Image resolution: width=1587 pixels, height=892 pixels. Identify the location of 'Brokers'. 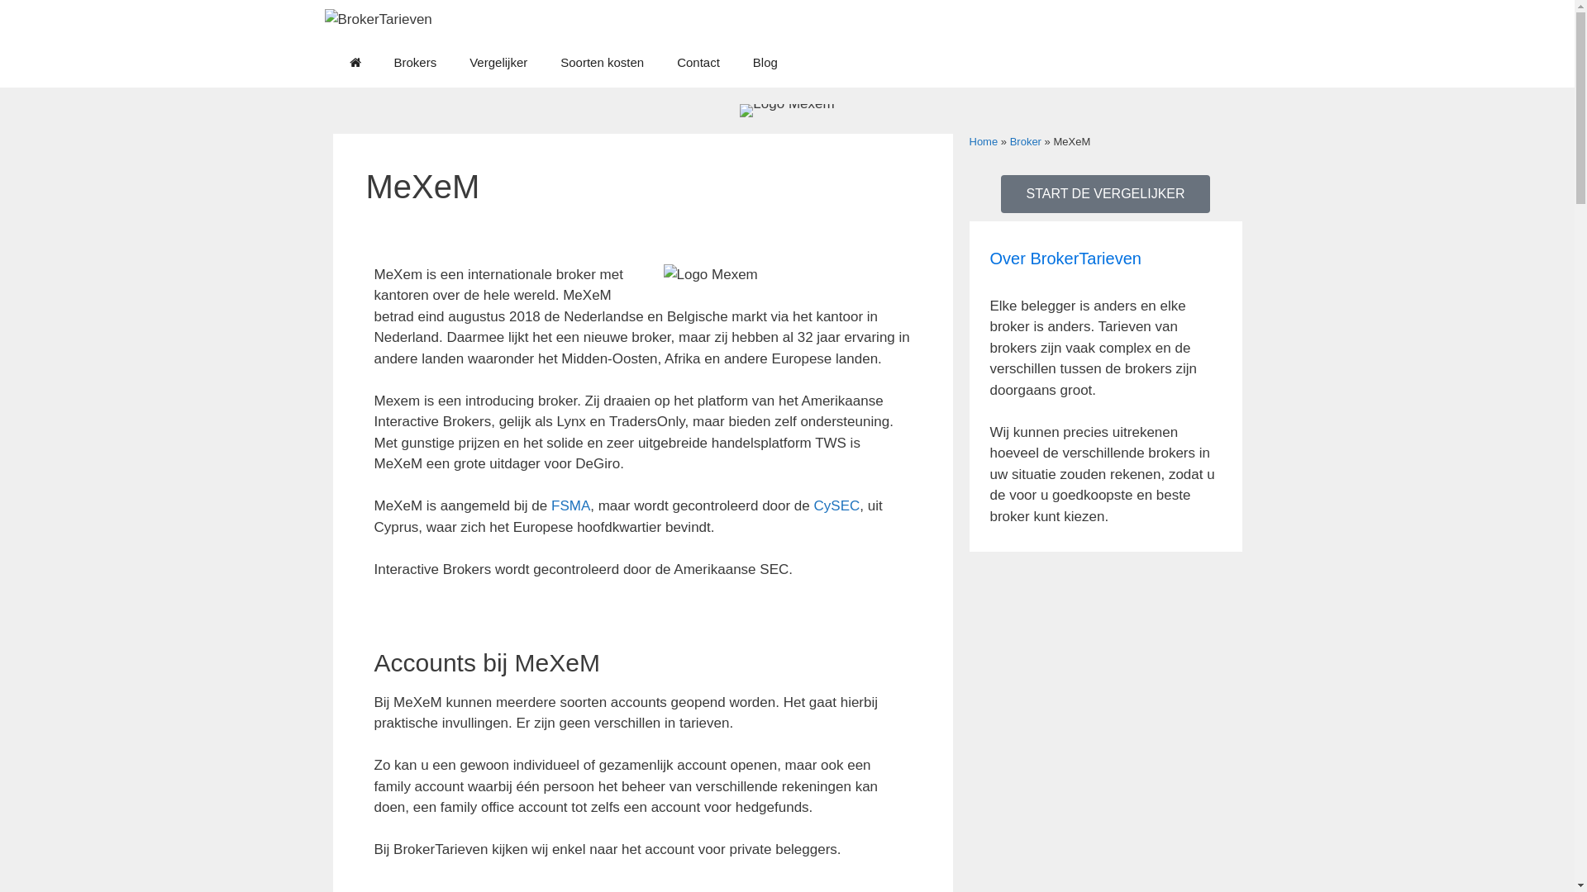
(415, 62).